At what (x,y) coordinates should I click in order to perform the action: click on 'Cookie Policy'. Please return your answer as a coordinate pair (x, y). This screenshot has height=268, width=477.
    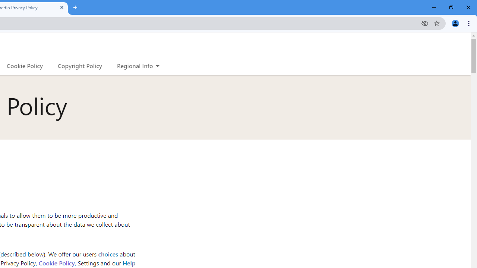
    Looking at the image, I should click on (56, 262).